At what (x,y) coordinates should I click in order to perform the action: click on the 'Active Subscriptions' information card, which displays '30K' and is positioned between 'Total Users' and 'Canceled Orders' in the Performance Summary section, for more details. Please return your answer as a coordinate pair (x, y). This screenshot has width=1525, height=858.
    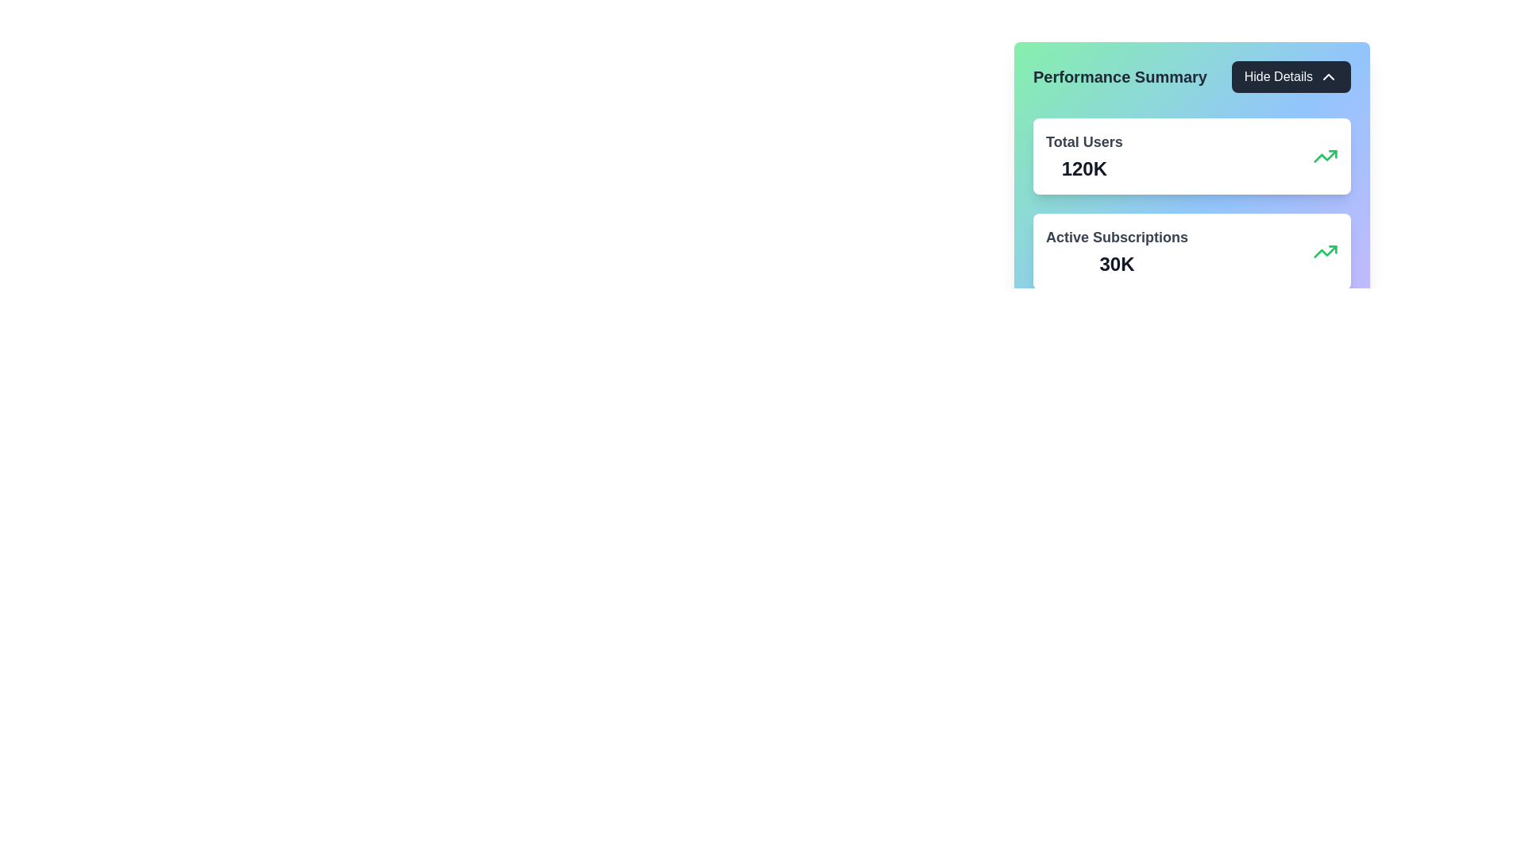
    Looking at the image, I should click on (1192, 250).